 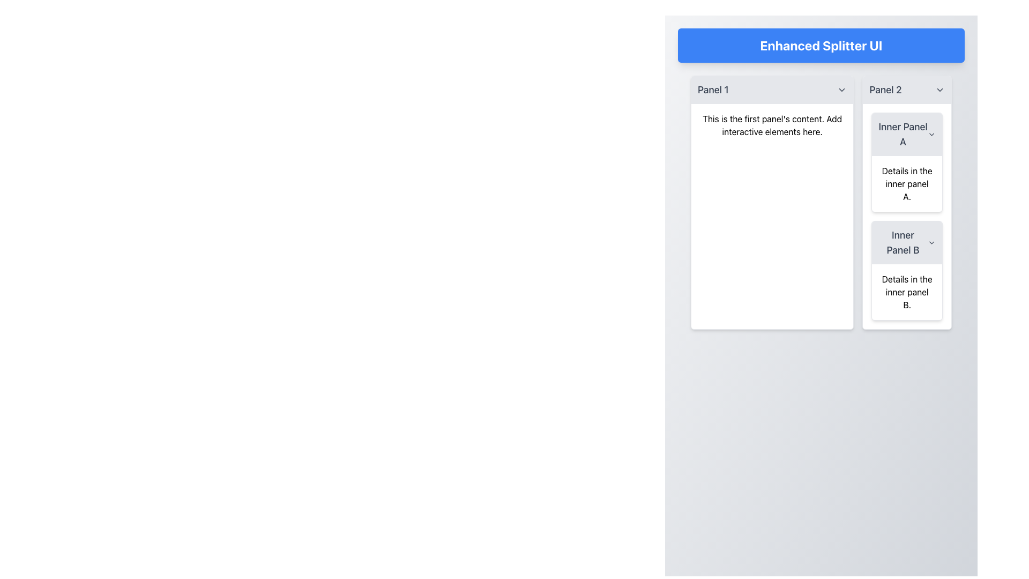 What do you see at coordinates (821, 44) in the screenshot?
I see `the header element with a blue background and white text reading 'Enhanced Splitter UI'` at bounding box center [821, 44].